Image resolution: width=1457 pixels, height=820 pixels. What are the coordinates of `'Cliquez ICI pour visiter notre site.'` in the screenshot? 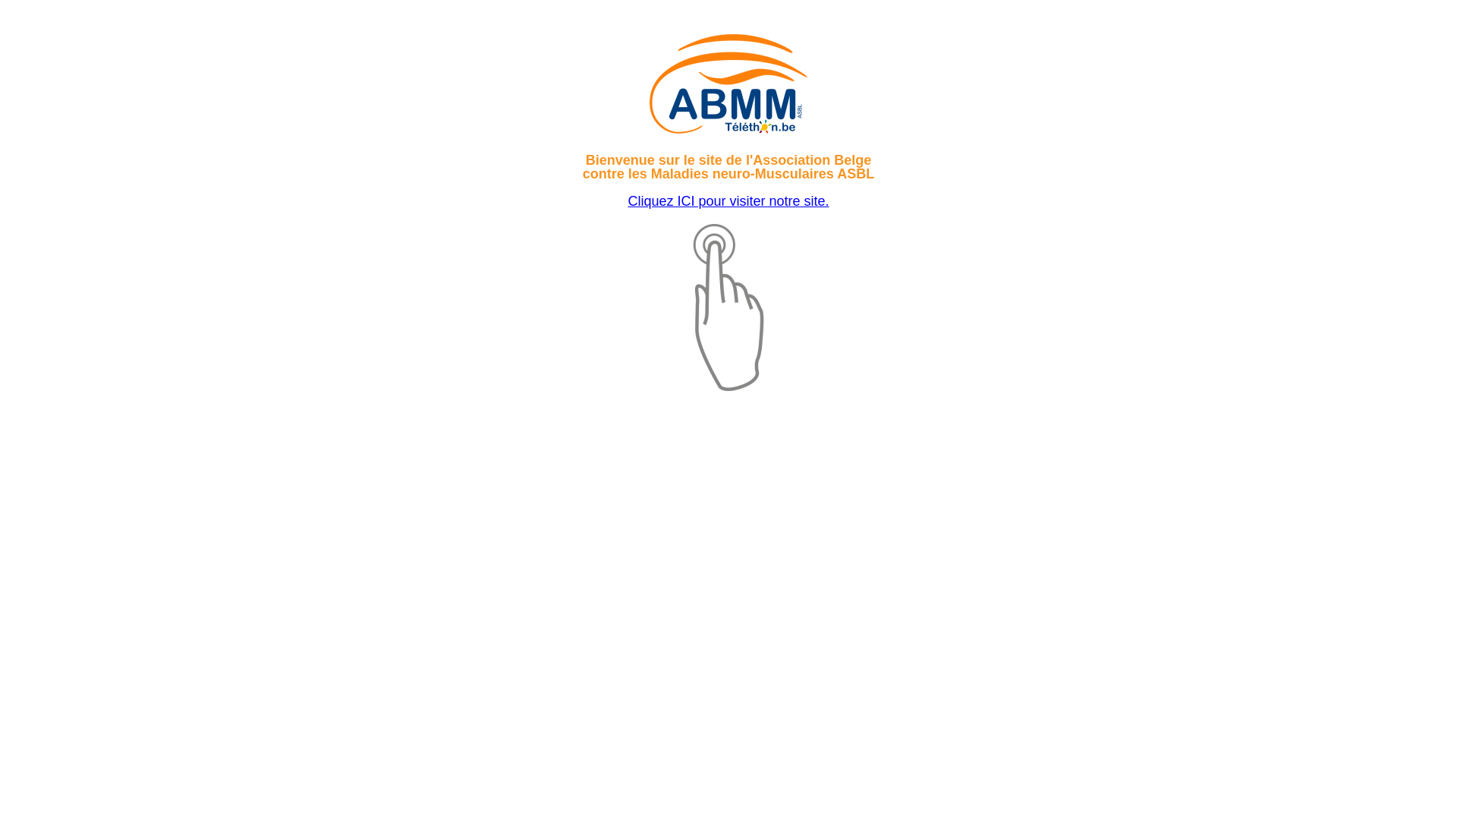 It's located at (727, 200).